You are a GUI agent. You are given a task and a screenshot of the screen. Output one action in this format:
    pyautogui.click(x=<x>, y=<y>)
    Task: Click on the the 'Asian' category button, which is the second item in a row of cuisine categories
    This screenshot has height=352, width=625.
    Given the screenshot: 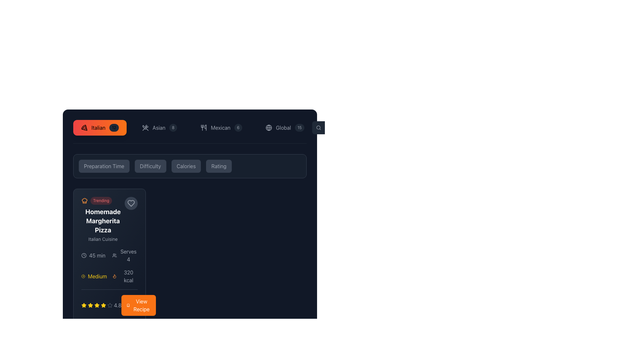 What is the action you would take?
    pyautogui.click(x=160, y=128)
    